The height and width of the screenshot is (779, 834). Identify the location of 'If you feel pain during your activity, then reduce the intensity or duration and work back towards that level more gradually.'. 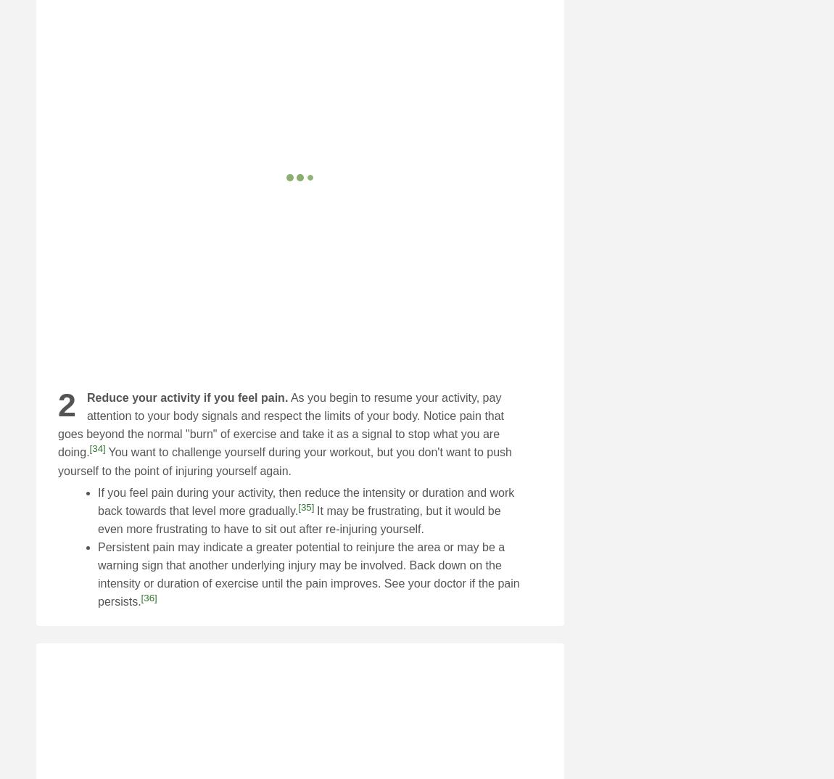
(97, 500).